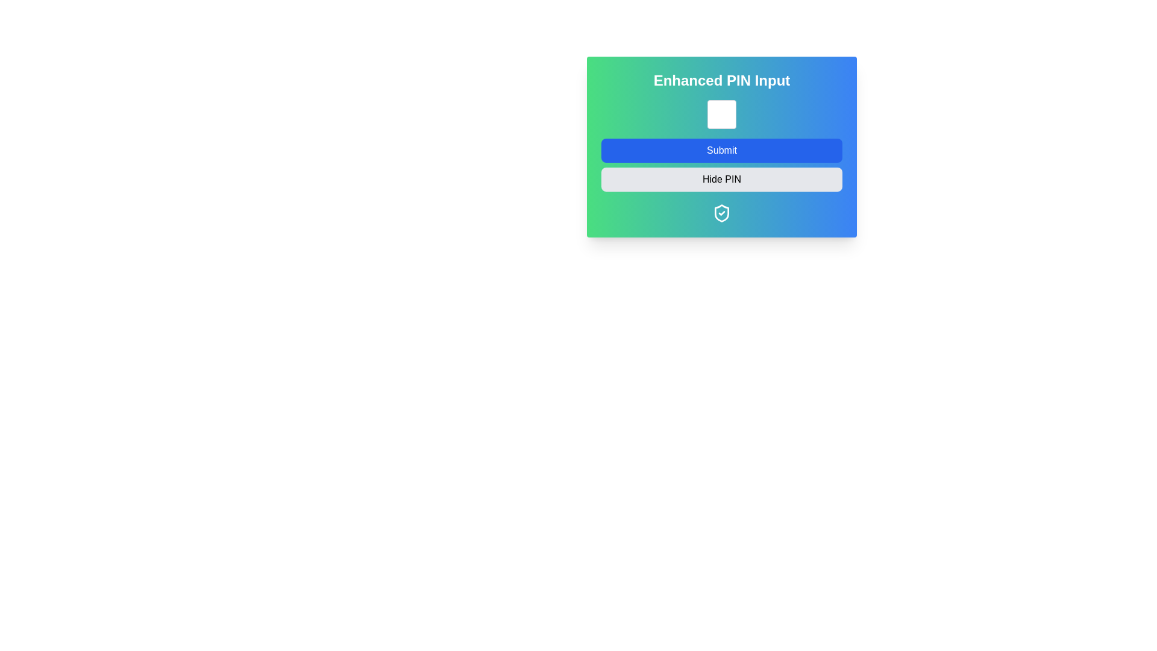 Image resolution: width=1157 pixels, height=651 pixels. Describe the element at coordinates (722, 179) in the screenshot. I see `the 'Hide PIN' button, which is a rectangular button with rounded corners located below the 'Submit' button in the 'Enhanced PIN Input' card` at that location.